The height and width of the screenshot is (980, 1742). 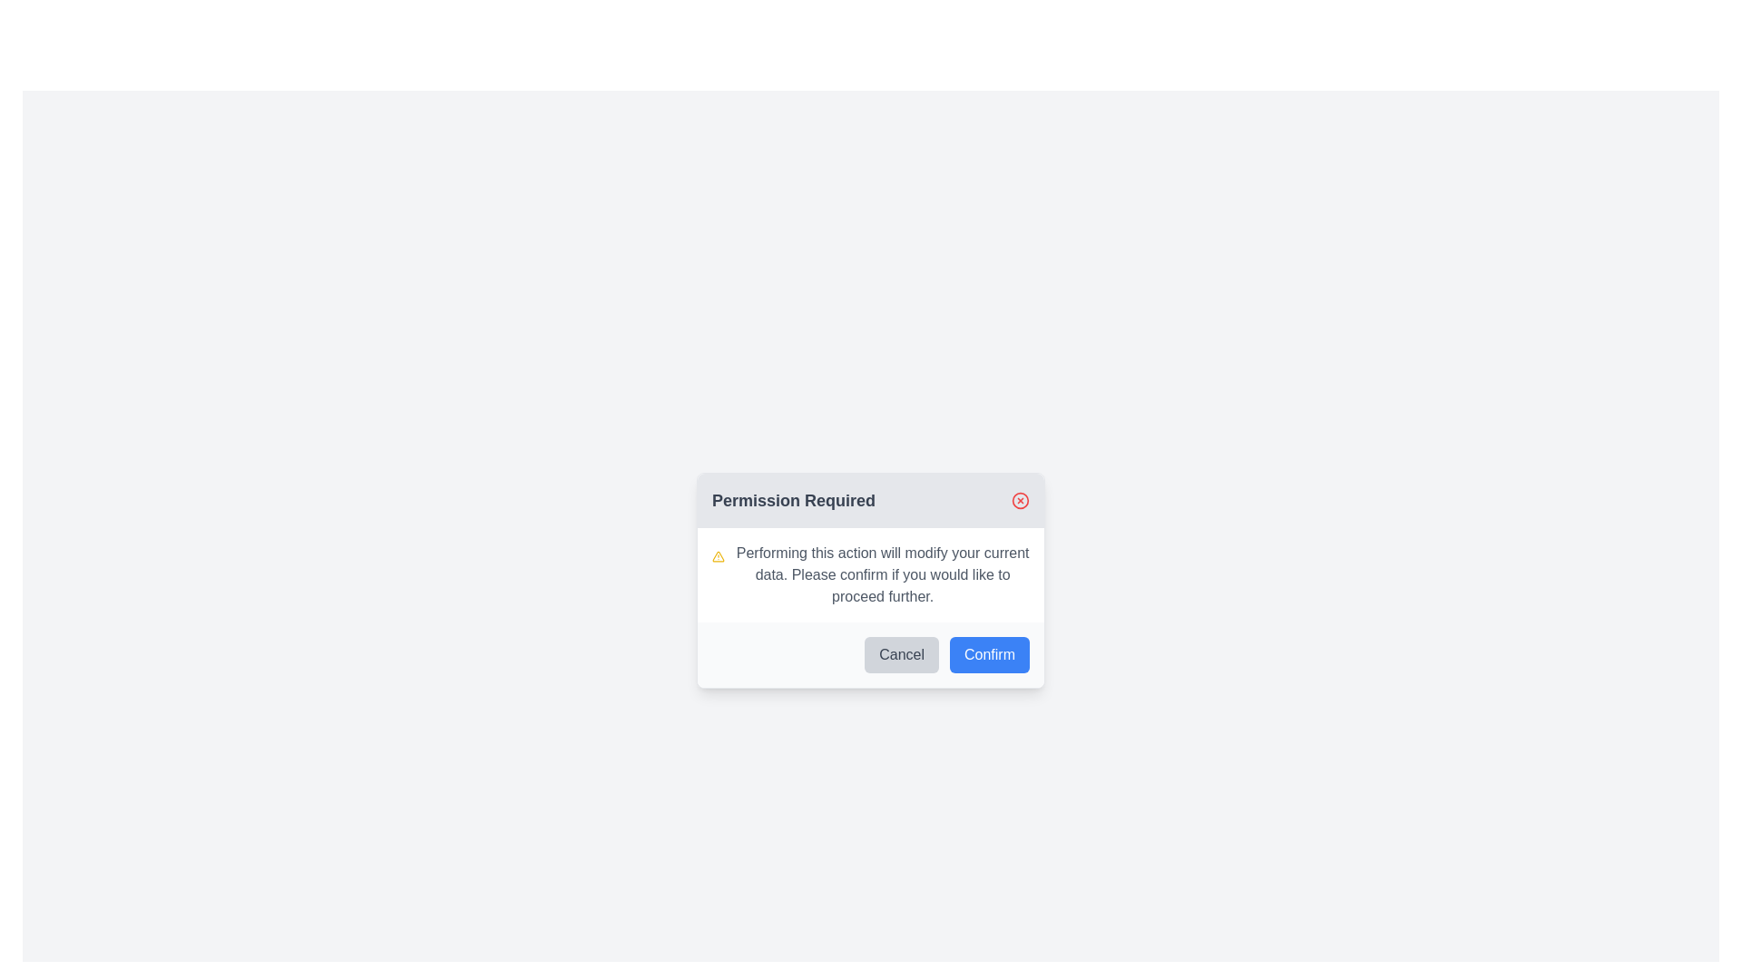 What do you see at coordinates (883, 574) in the screenshot?
I see `text block containing the message 'Performing this action will modify your current data. Please confirm if you would like to proceed further.' located in the 'Permission Required' dialog box, beneath the warning icon and above the buttons` at bounding box center [883, 574].